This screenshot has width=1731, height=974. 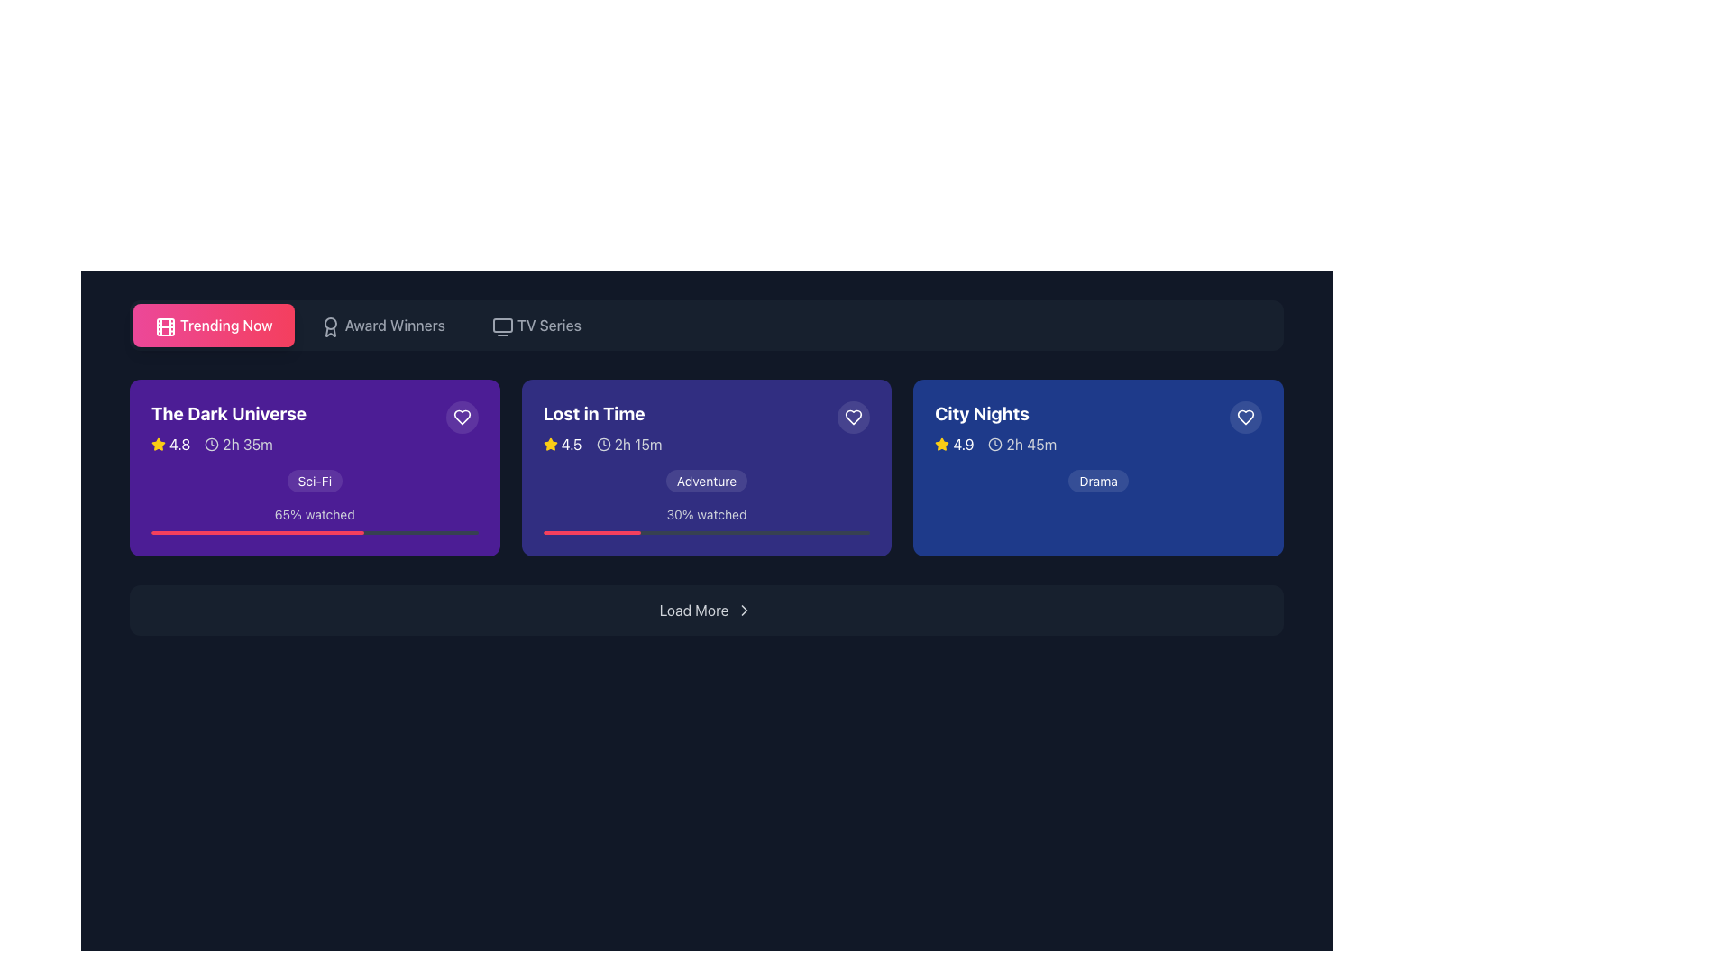 What do you see at coordinates (214, 326) in the screenshot?
I see `the 'Trending Now' button located at the top left of the navigation options to activate hover effects` at bounding box center [214, 326].